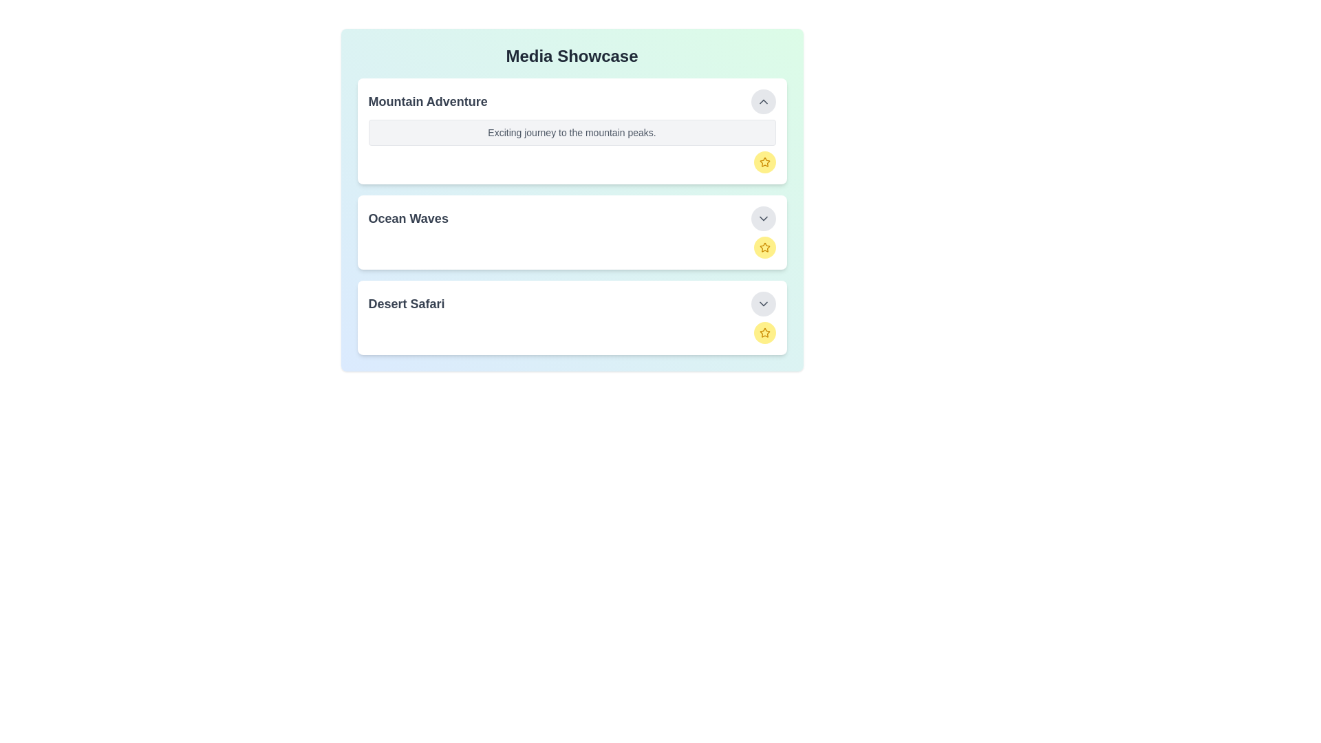 This screenshot has height=743, width=1321. What do you see at coordinates (764, 246) in the screenshot?
I see `favorite button for the item titled 'Ocean Waves'` at bounding box center [764, 246].